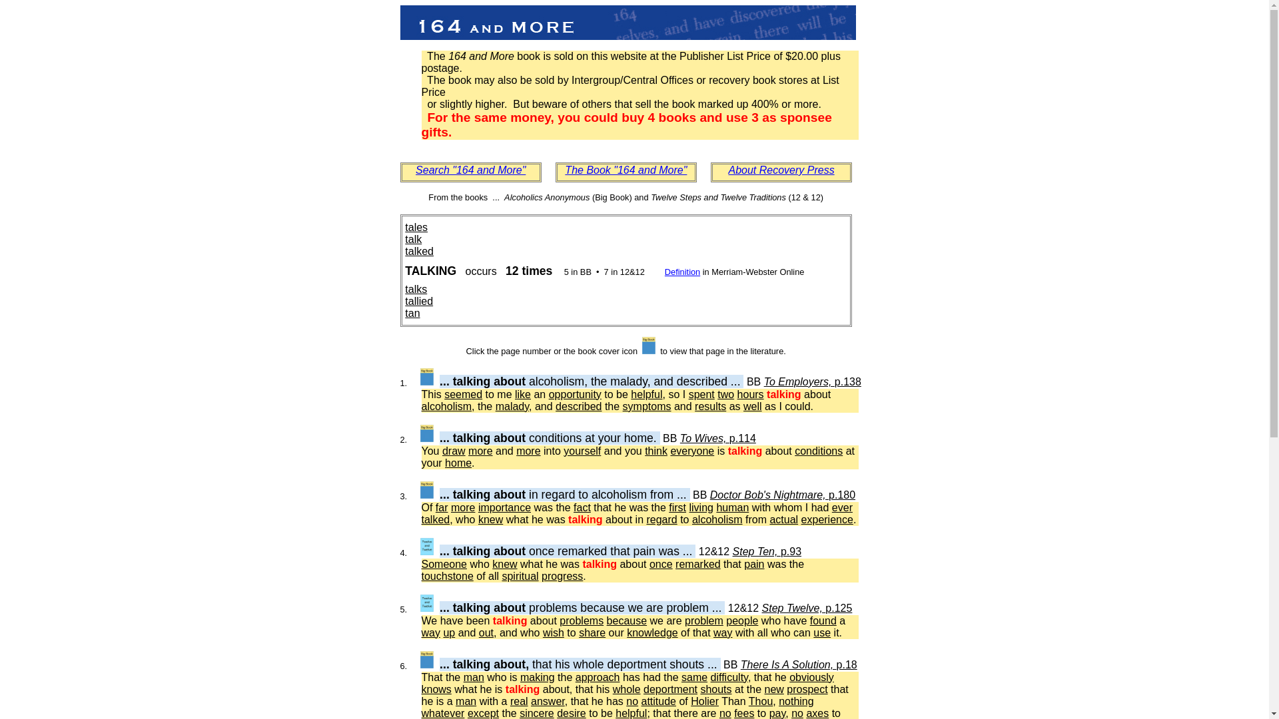  I want to click on 'ever', so click(841, 507).